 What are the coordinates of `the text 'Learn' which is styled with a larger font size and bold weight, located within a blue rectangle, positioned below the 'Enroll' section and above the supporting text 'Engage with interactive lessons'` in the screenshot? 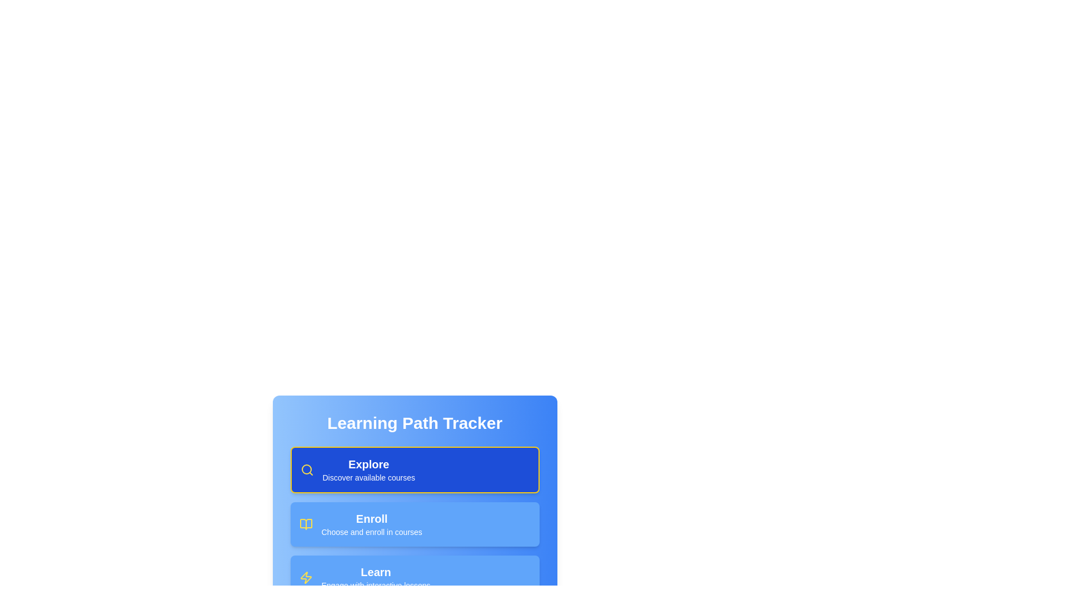 It's located at (376, 572).